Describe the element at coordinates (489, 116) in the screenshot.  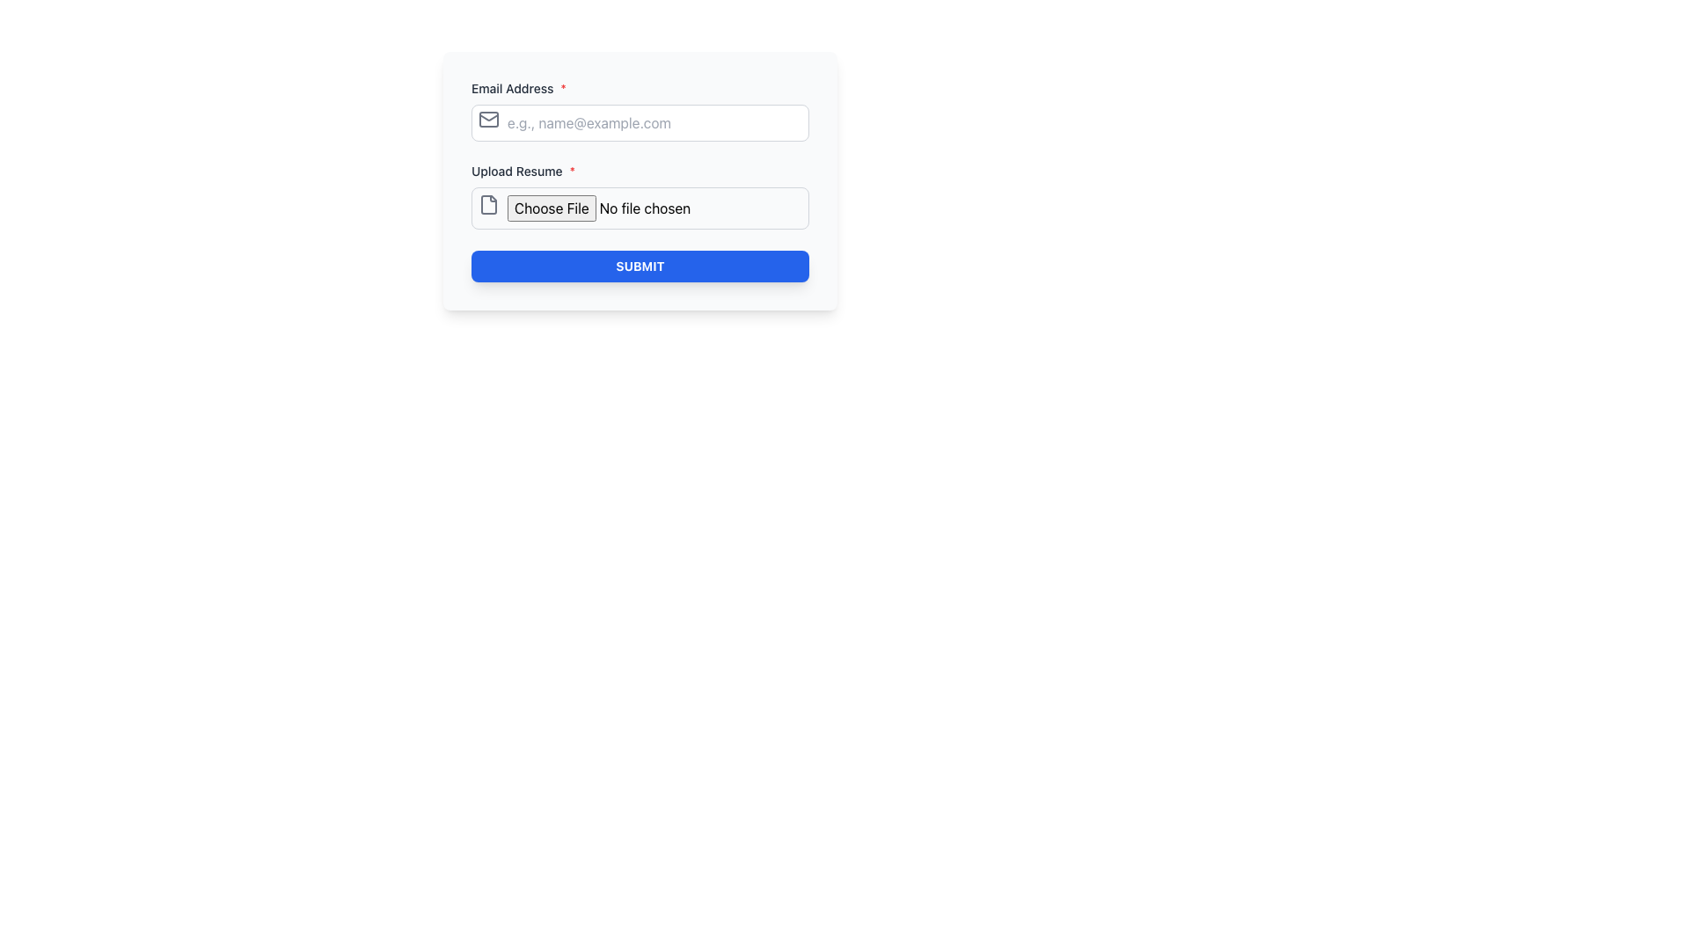
I see `the envelope icon located to the left of the 'Email Address' input field, which serves as a visual representation of email context` at that location.